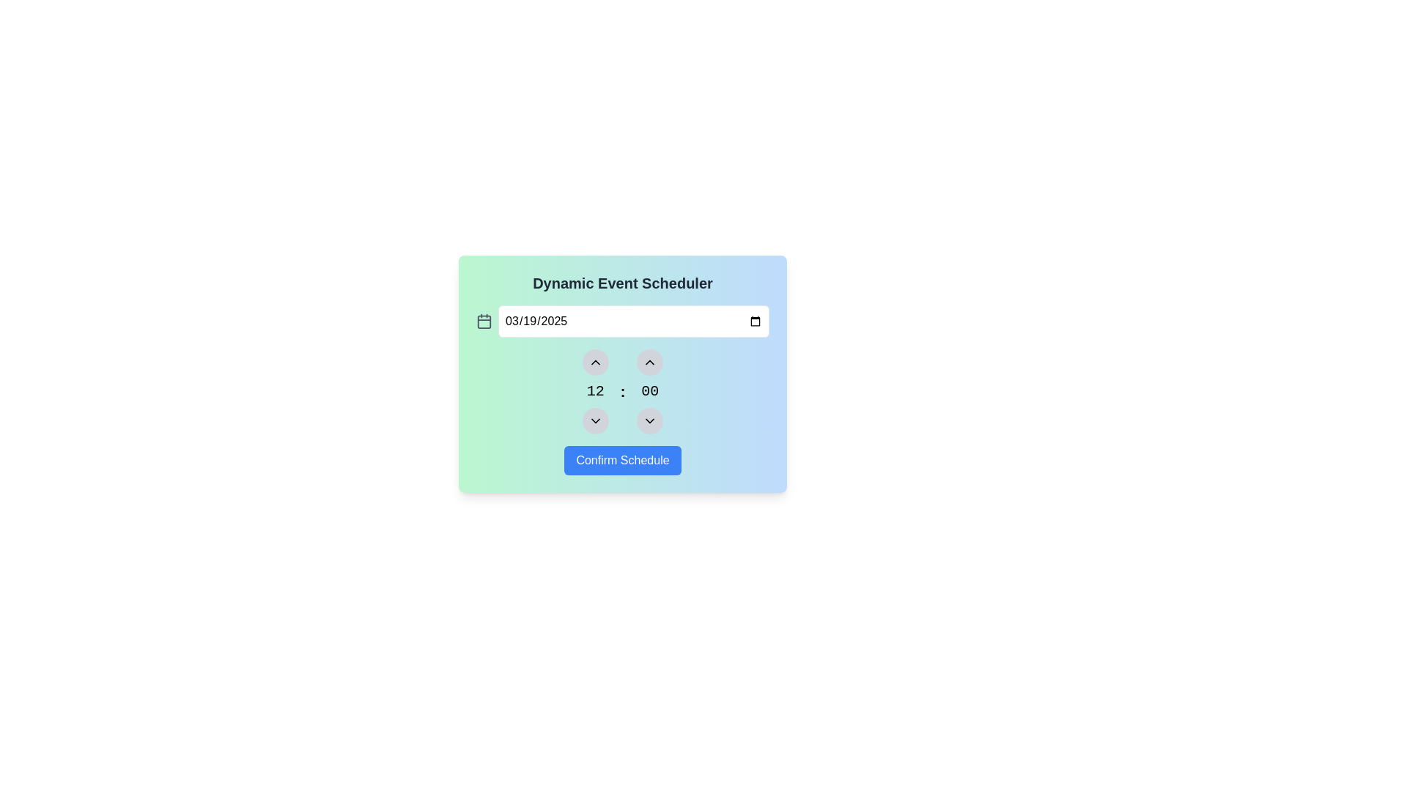  Describe the element at coordinates (595, 362) in the screenshot. I see `the first interactive circle button above the displayed numeric value '12'` at that location.